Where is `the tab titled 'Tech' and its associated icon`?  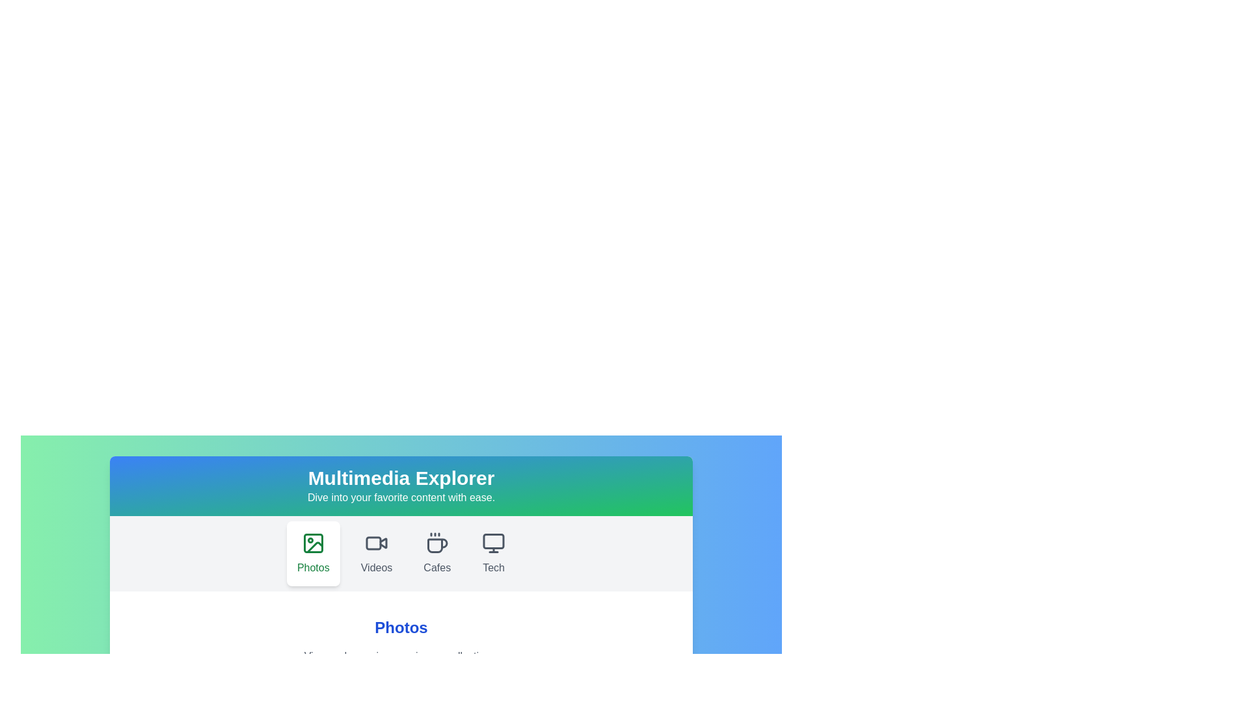 the tab titled 'Tech' and its associated icon is located at coordinates (493, 554).